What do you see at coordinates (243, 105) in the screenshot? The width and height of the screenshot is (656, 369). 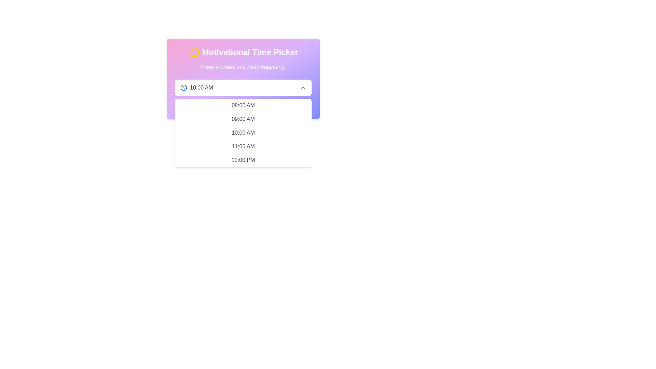 I see `the clickable list item displaying '08:00 AM'` at bounding box center [243, 105].